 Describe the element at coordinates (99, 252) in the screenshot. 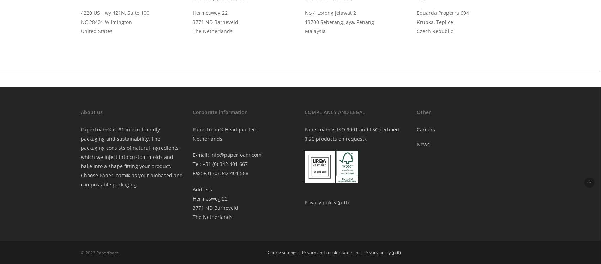

I see `'© 2023 Paperfoam.'` at that location.